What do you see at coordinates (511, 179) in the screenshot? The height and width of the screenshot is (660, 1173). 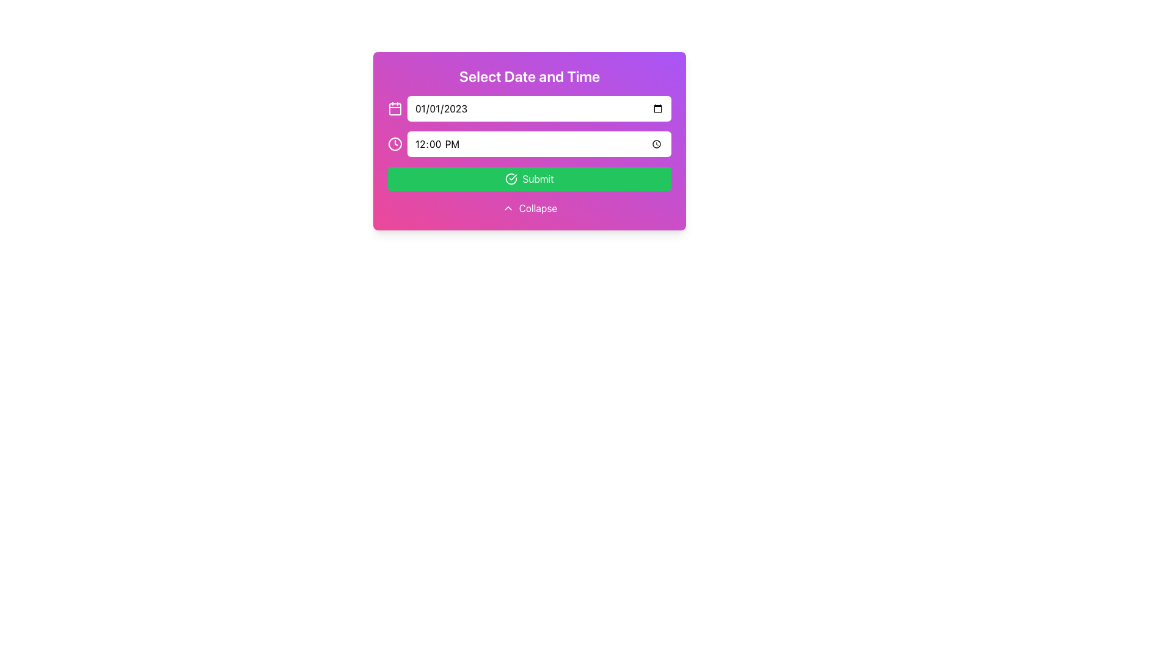 I see `the visual state of the icon located to the left of the 'Submit' text within the 'Submit' button at the bottom of the card-like UI section` at bounding box center [511, 179].